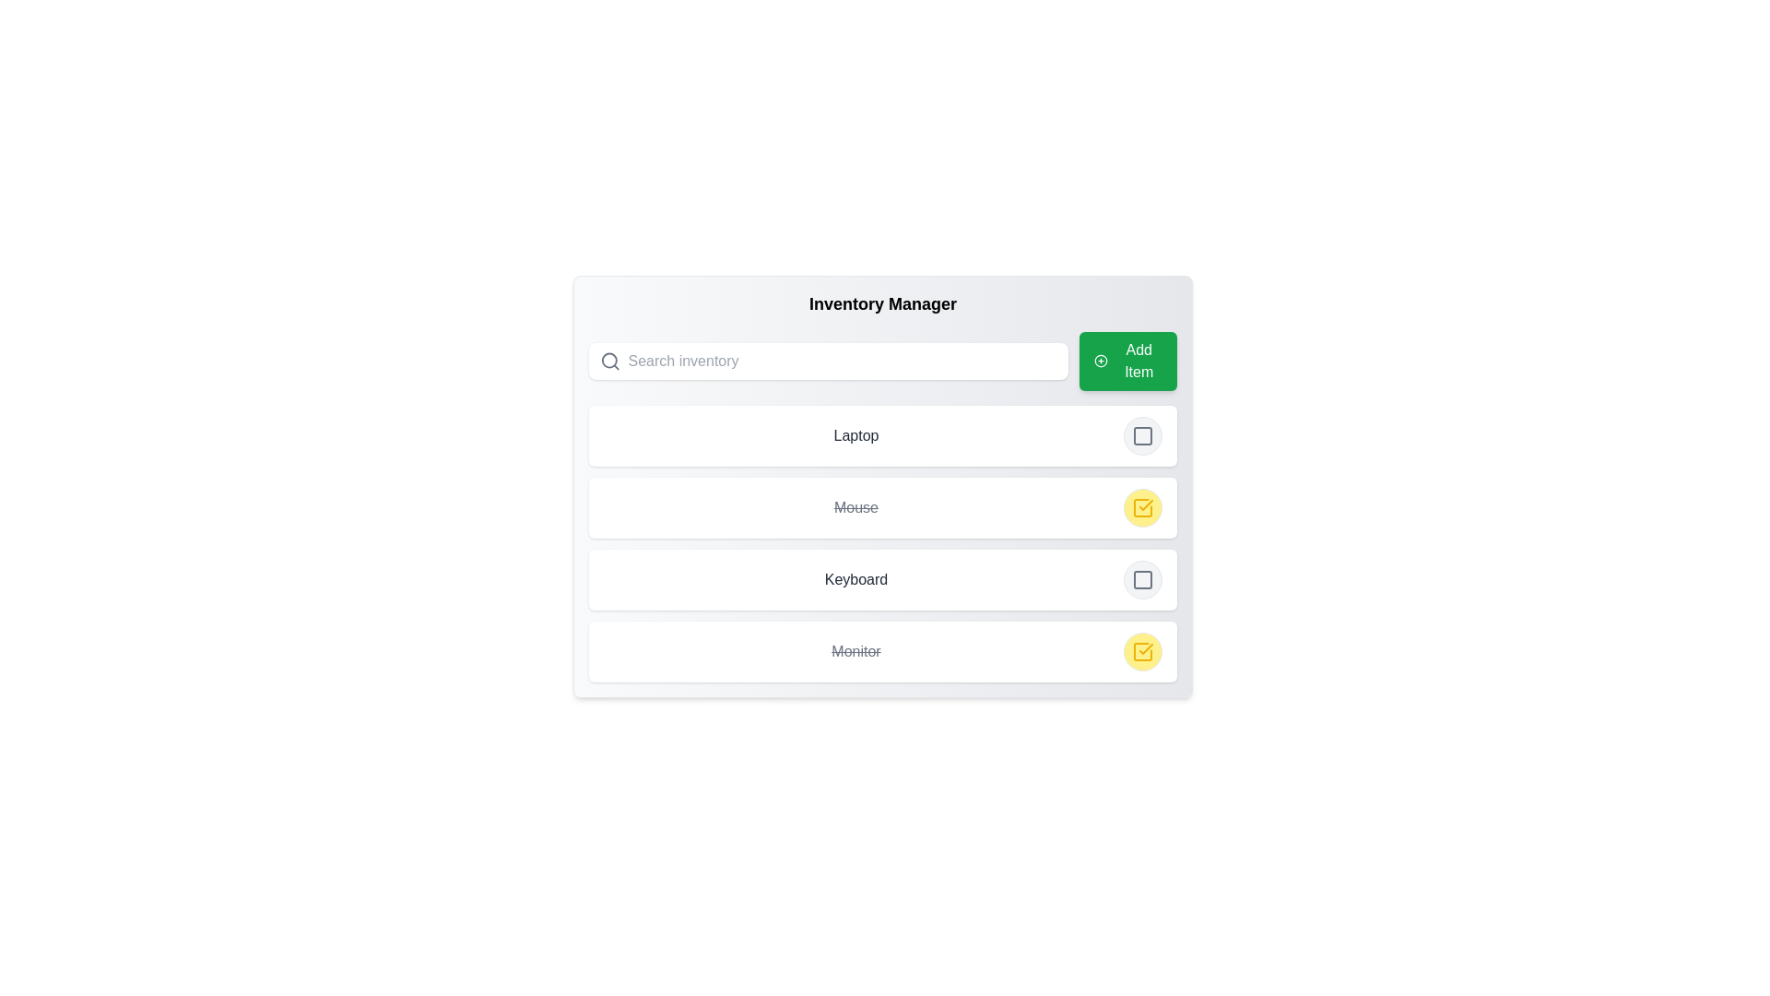  What do you see at coordinates (1141, 650) in the screenshot?
I see `the Iconic button that marks the list item 'Monitor' as selected or completed` at bounding box center [1141, 650].